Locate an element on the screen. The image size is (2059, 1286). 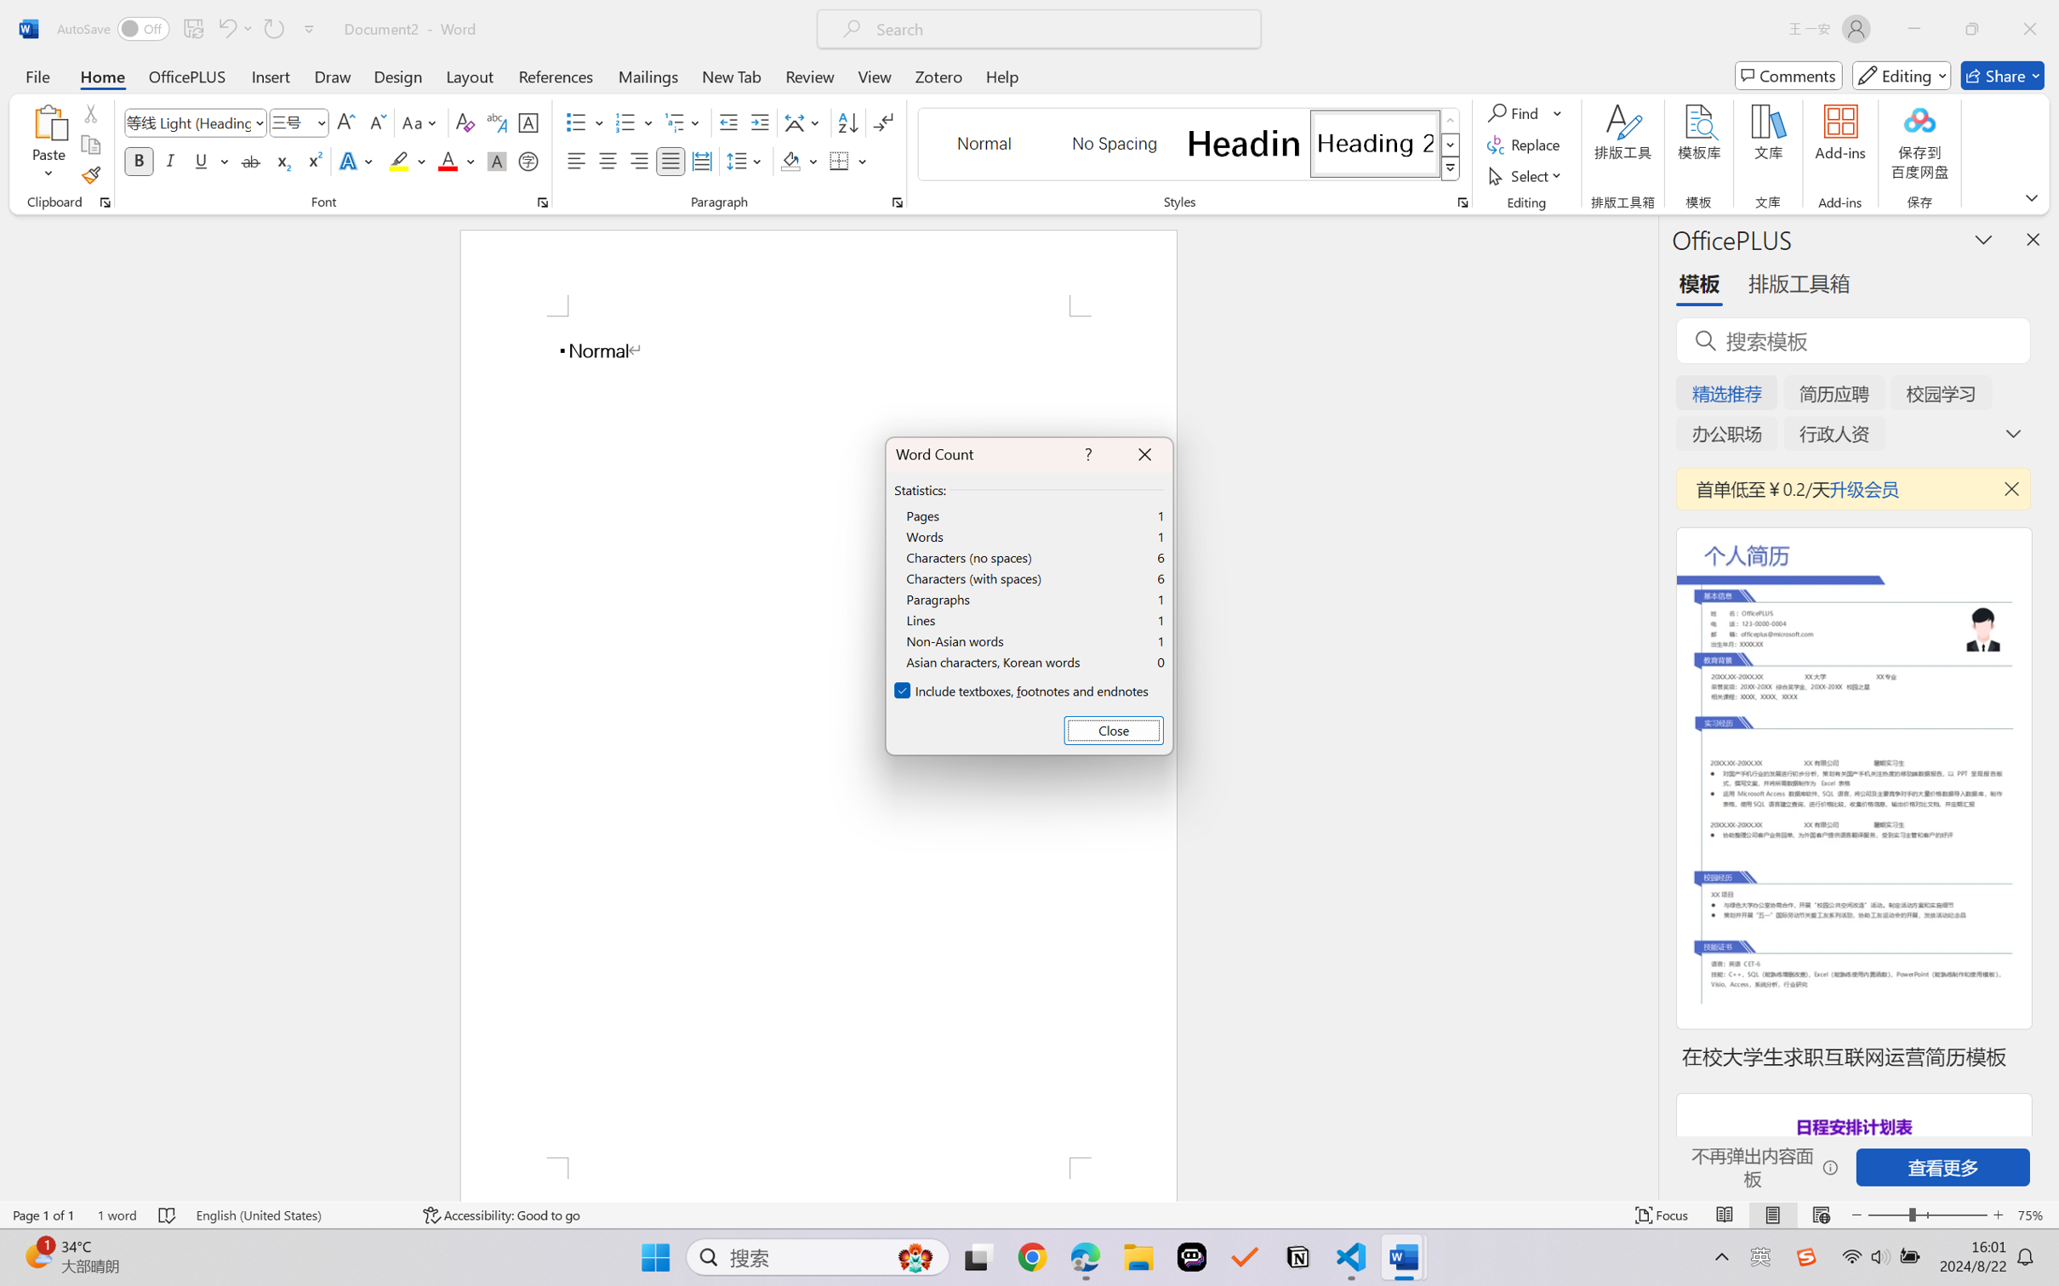
'Paste' is located at coordinates (48, 122).